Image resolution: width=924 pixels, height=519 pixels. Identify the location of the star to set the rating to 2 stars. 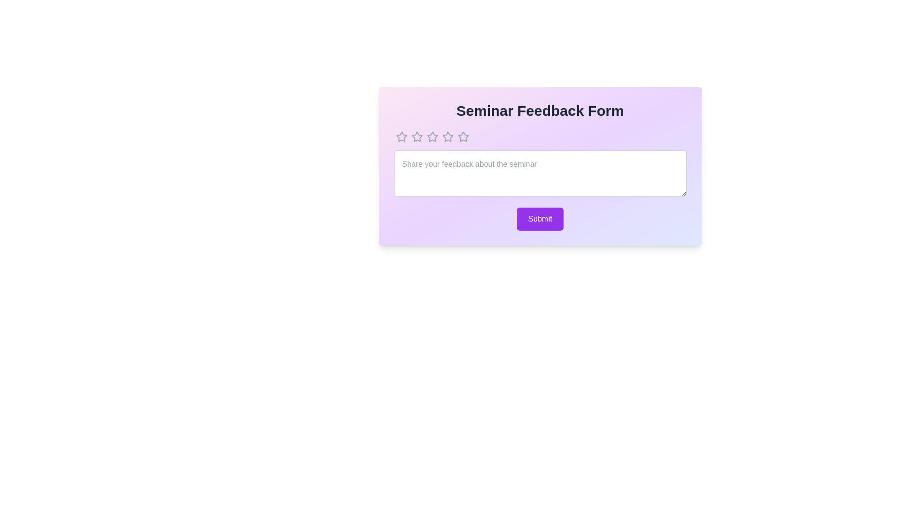
(417, 137).